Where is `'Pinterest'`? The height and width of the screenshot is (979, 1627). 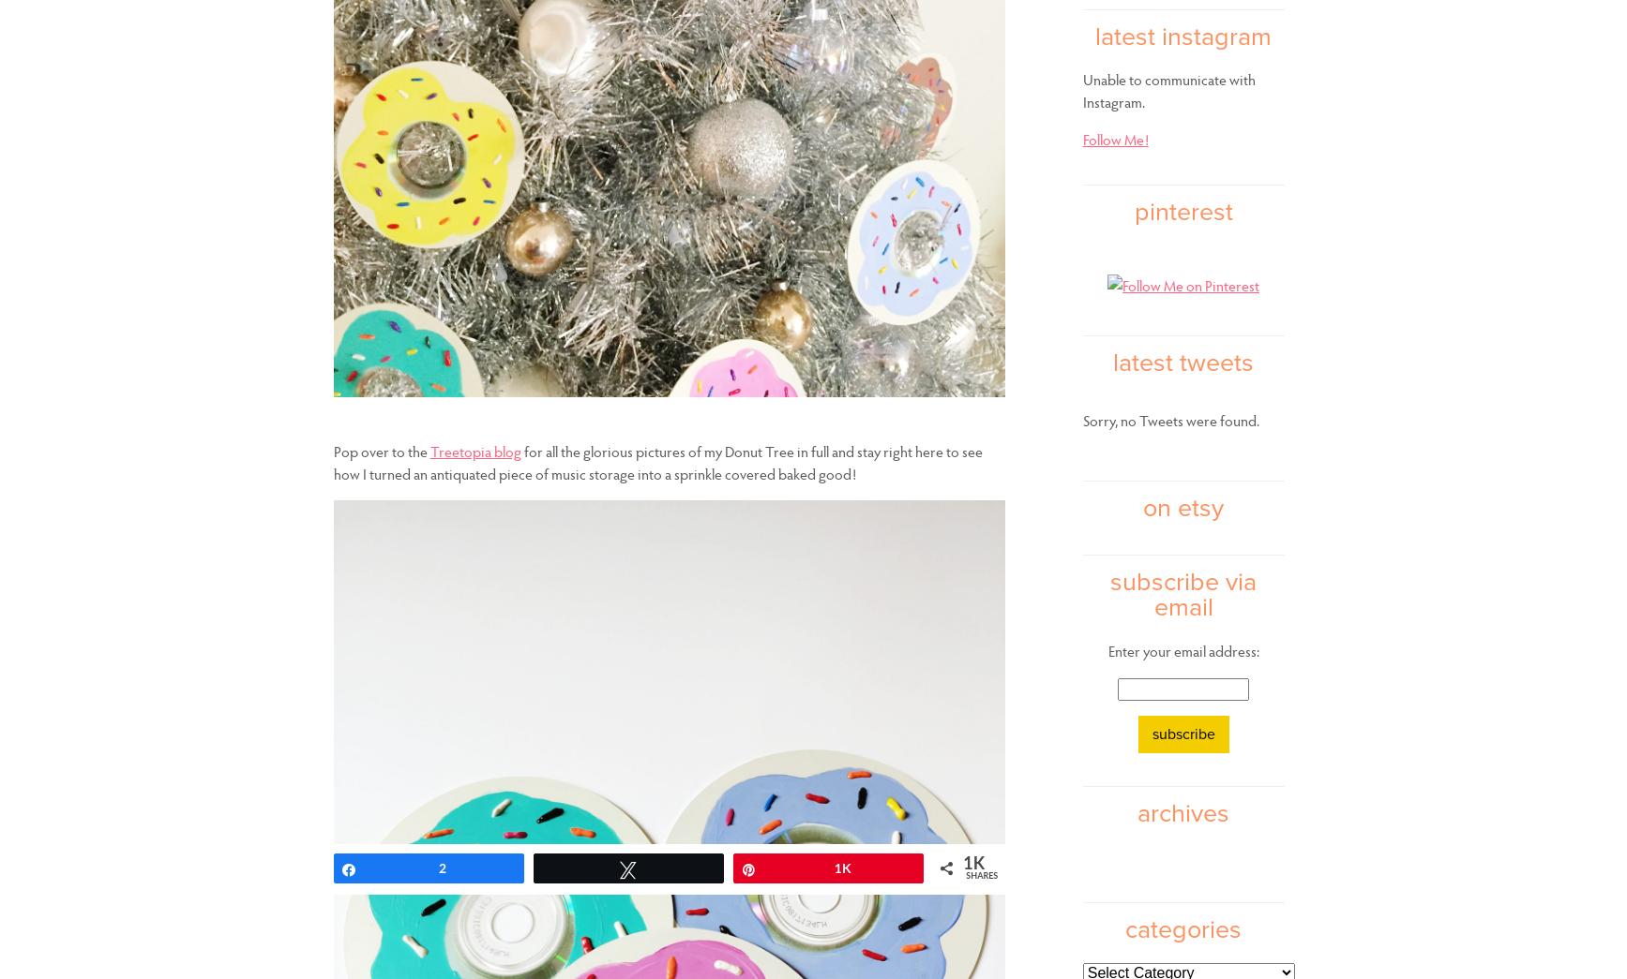 'Pinterest' is located at coordinates (1182, 212).